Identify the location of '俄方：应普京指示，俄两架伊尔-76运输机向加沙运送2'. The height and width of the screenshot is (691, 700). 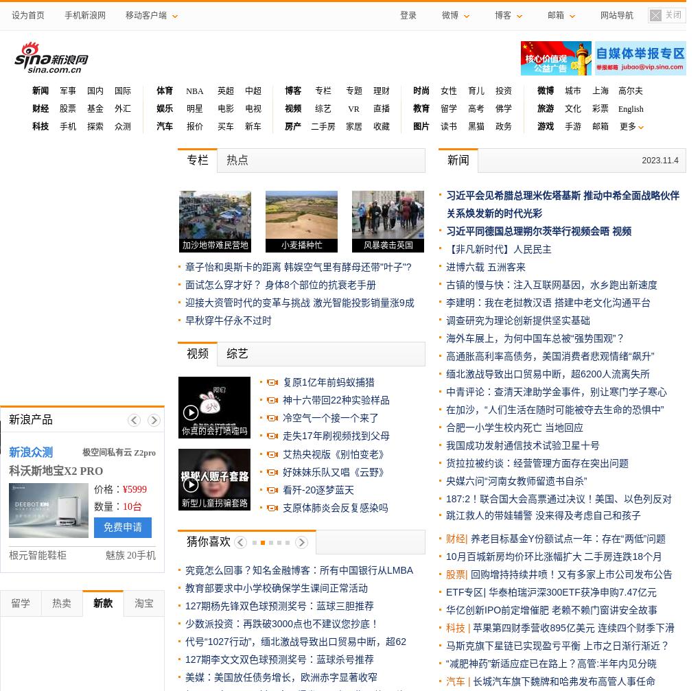
(431, 623).